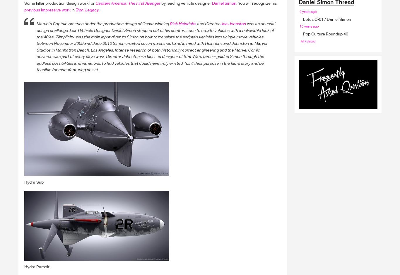  Describe the element at coordinates (303, 19) in the screenshot. I see `'Lotus C-01 / Daniel Simon'` at that location.